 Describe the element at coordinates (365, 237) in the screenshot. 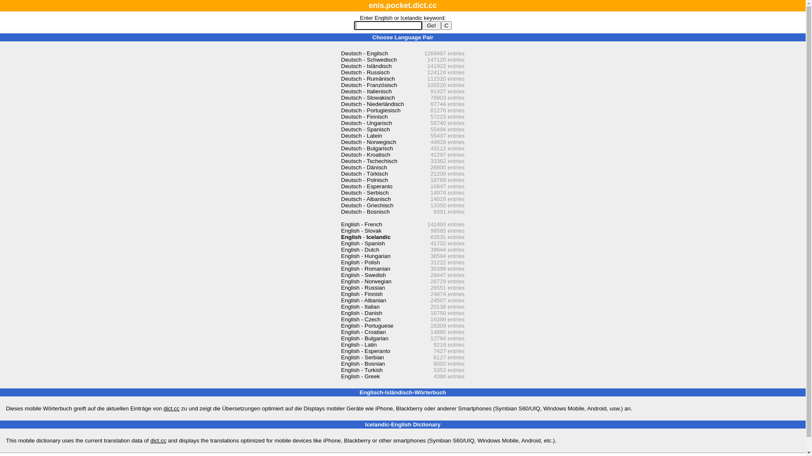

I see `'English - Icelandic'` at that location.